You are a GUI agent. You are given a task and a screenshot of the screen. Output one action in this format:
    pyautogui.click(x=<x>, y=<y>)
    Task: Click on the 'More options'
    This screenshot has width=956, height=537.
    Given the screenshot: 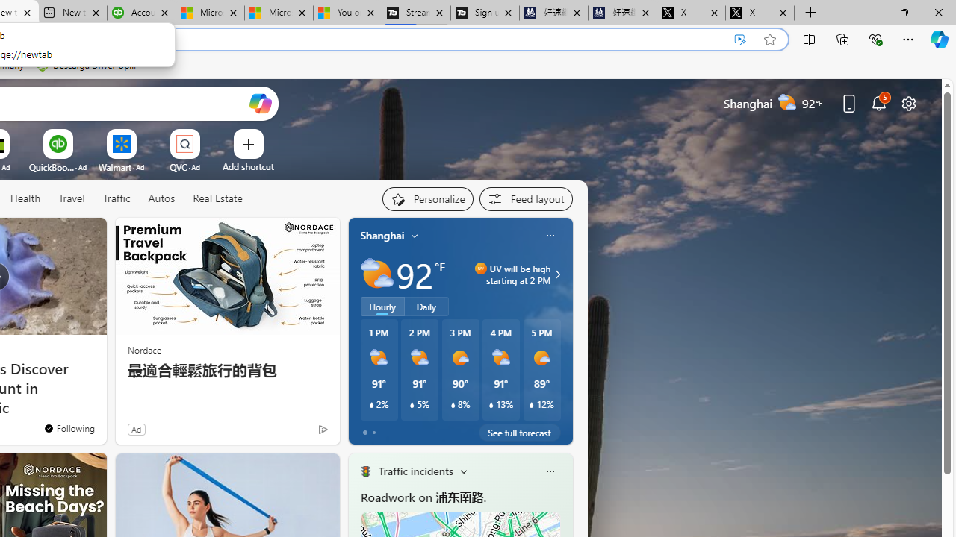 What is the action you would take?
    pyautogui.click(x=549, y=471)
    